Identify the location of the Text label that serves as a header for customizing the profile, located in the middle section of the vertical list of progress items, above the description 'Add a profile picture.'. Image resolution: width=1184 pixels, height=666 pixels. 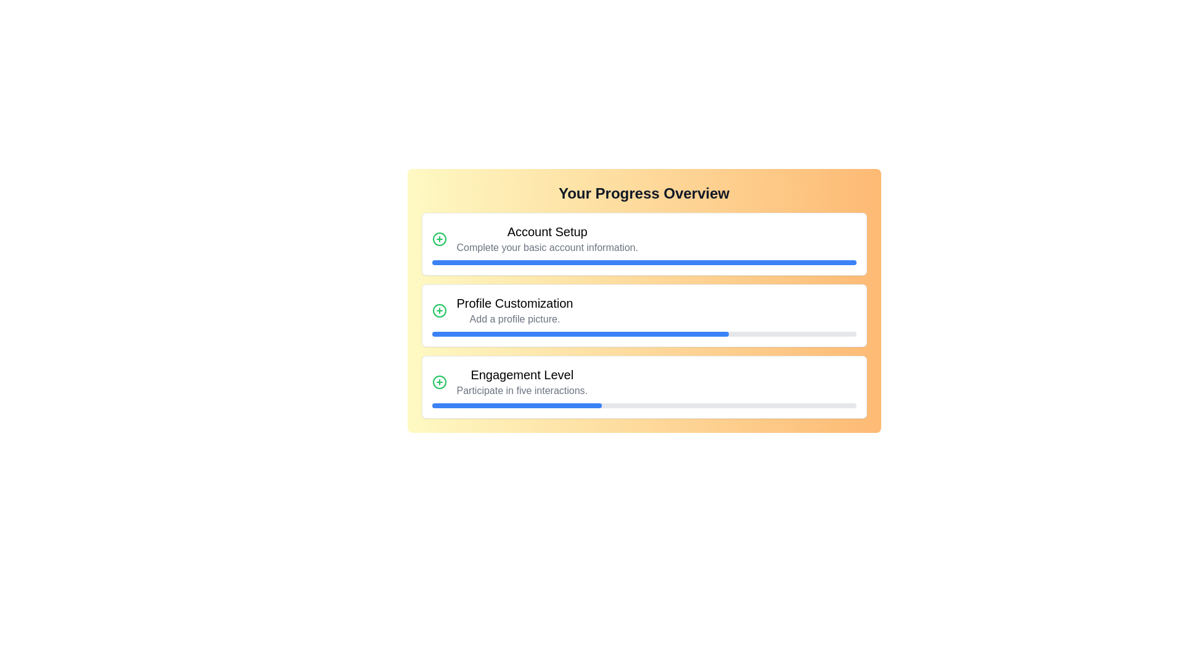
(515, 303).